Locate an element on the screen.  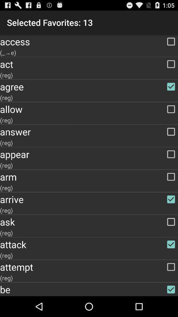
the item above the (reg)  app is located at coordinates (89, 244).